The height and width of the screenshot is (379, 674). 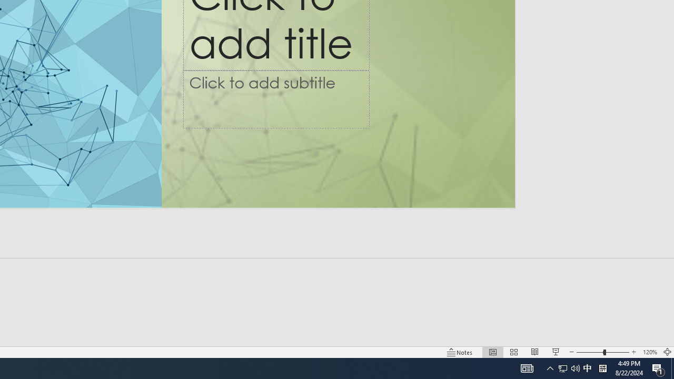 I want to click on 'Normal', so click(x=492, y=352).